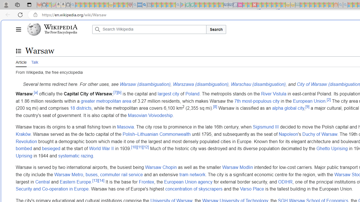 Image resolution: width=360 pixels, height=202 pixels. Describe the element at coordinates (265, 127) in the screenshot. I see `'Sigismund III'` at that location.